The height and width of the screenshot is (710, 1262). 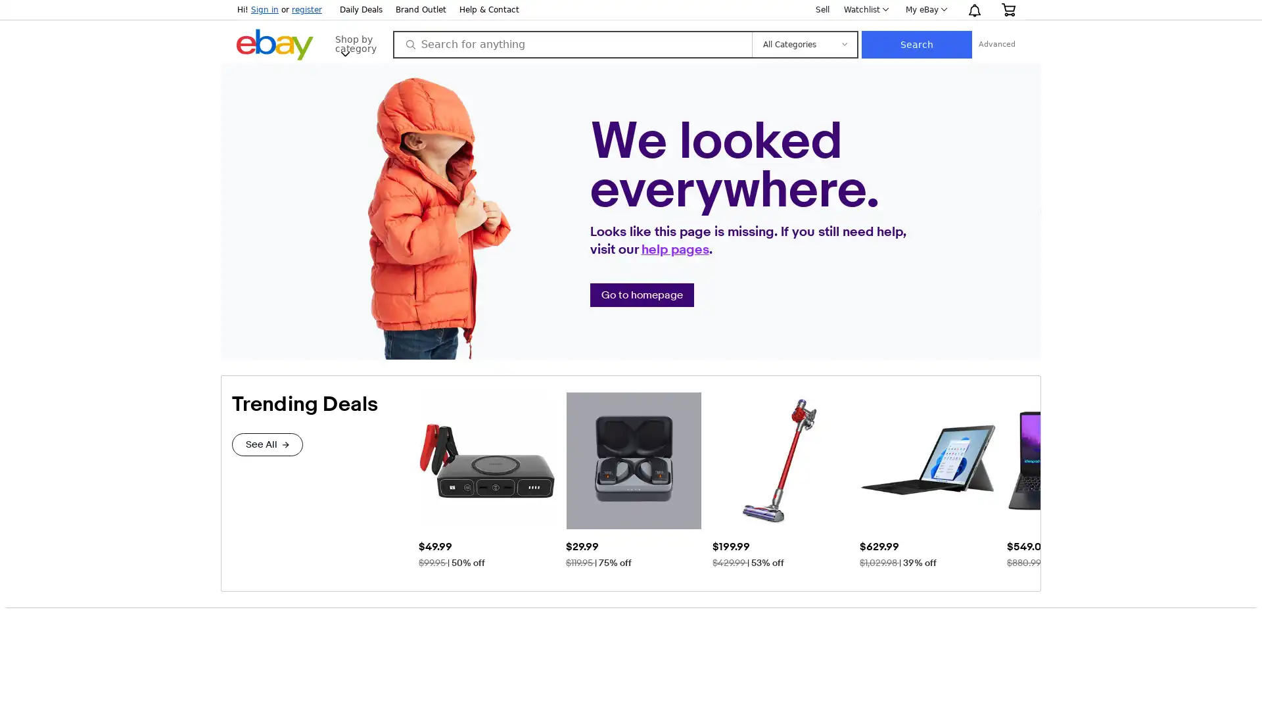 What do you see at coordinates (974, 10) in the screenshot?
I see `Notification` at bounding box center [974, 10].